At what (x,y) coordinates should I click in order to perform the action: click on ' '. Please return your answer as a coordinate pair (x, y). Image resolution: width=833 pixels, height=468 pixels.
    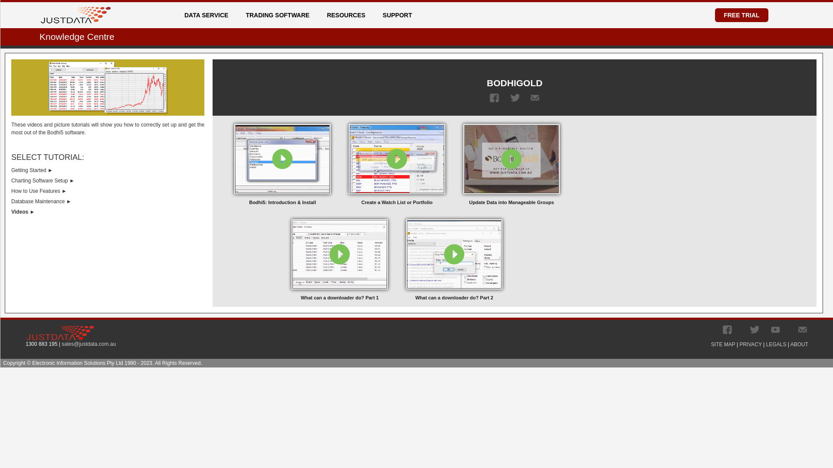
    Looking at the image, I should click on (722, 329).